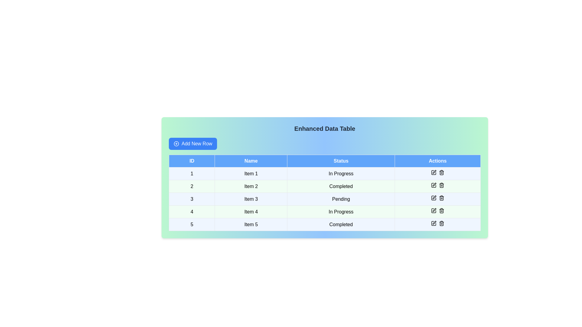  Describe the element at coordinates (441, 173) in the screenshot. I see `the trash bin icon button located in the 'Actions' column of the first row of the table` at that location.